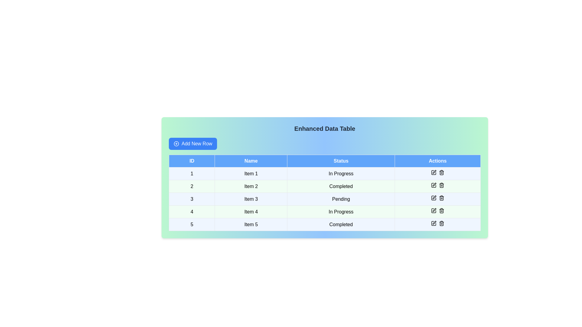  Describe the element at coordinates (441, 173) in the screenshot. I see `the trash bin icon button located in the 'Actions' column of the first row of the table` at that location.